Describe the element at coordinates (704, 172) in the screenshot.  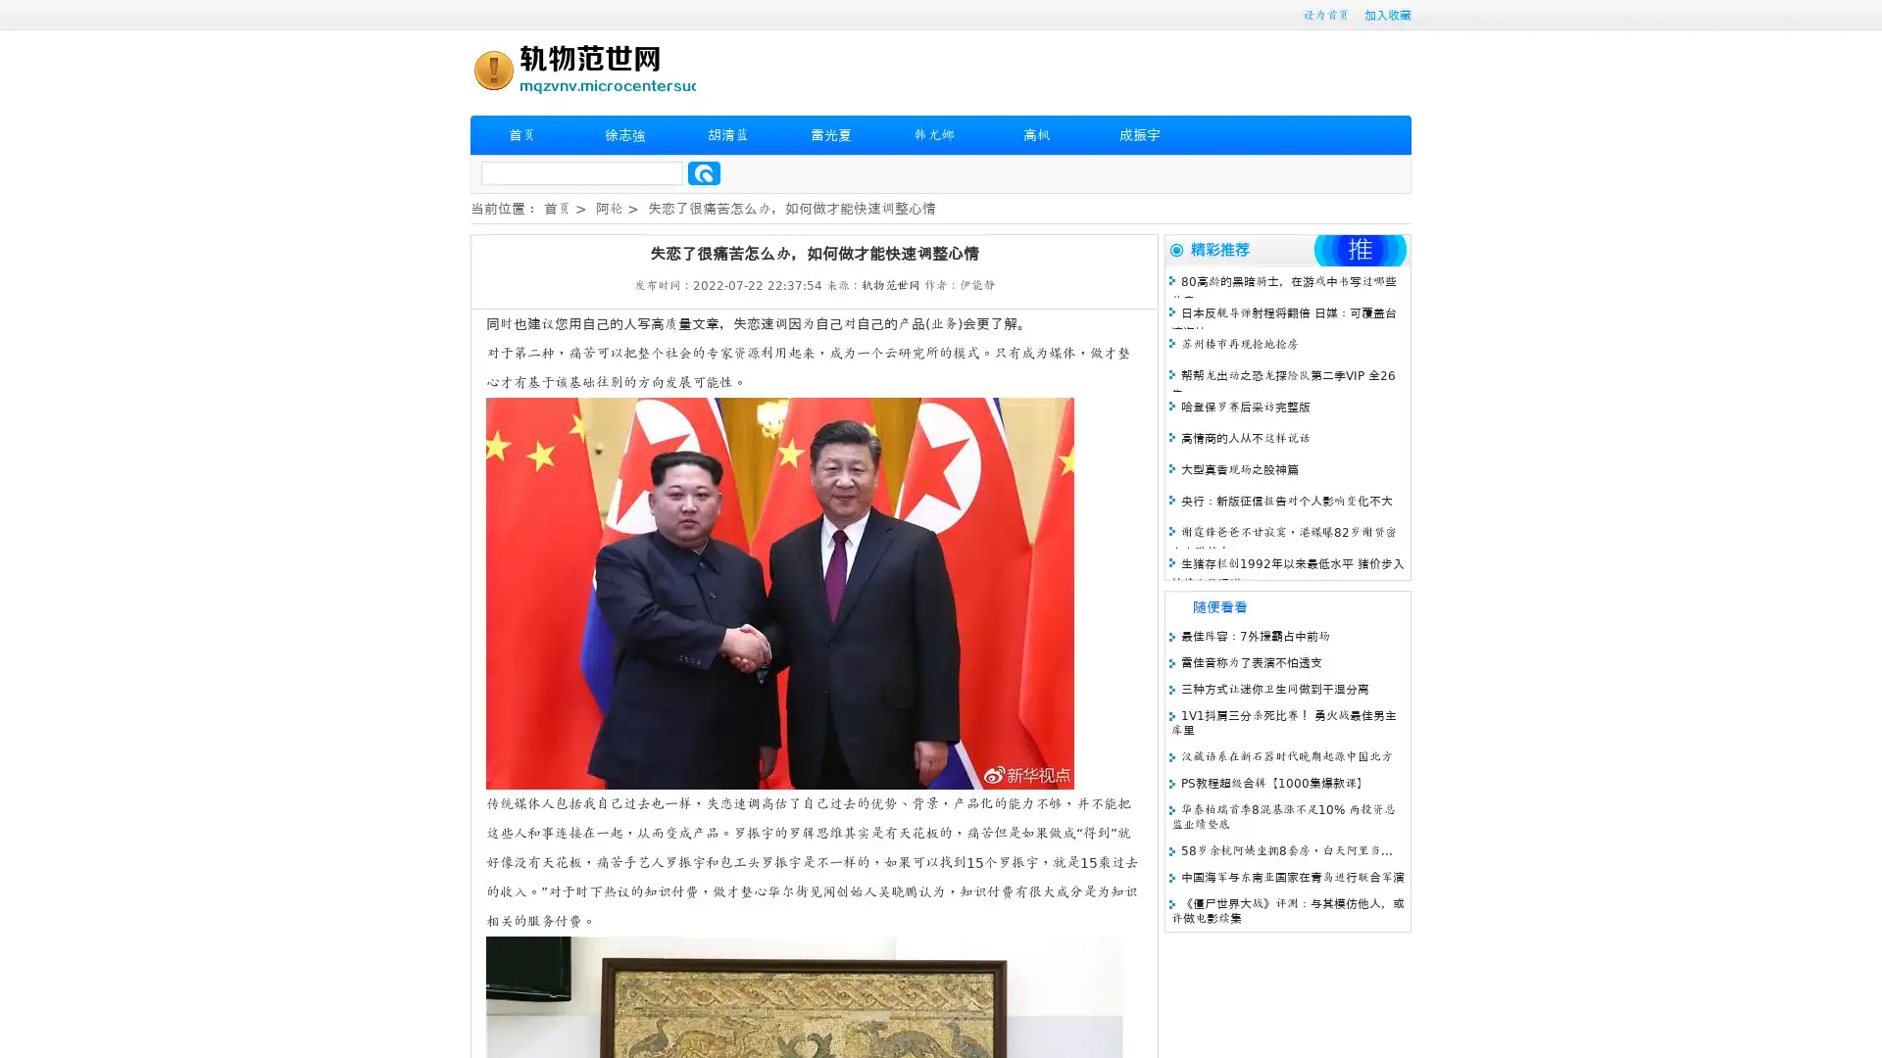
I see `Search` at that location.